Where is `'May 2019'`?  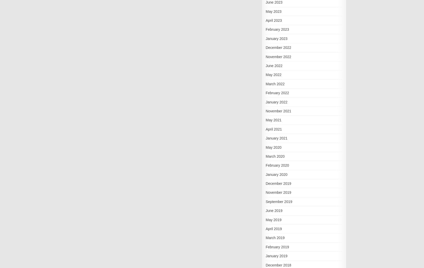 'May 2019' is located at coordinates (265, 219).